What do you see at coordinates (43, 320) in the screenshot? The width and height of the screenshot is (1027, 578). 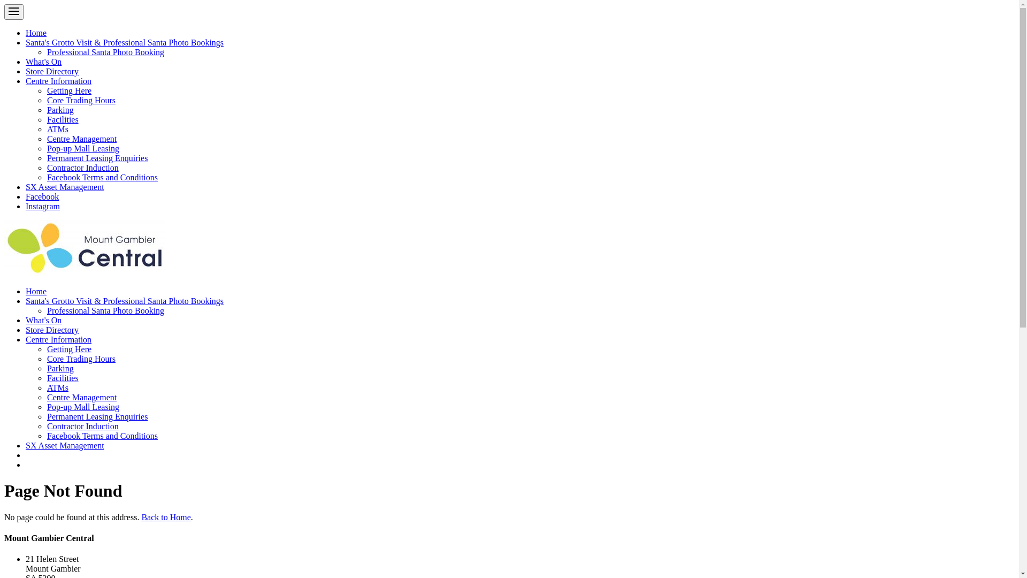 I see `'What's On'` at bounding box center [43, 320].